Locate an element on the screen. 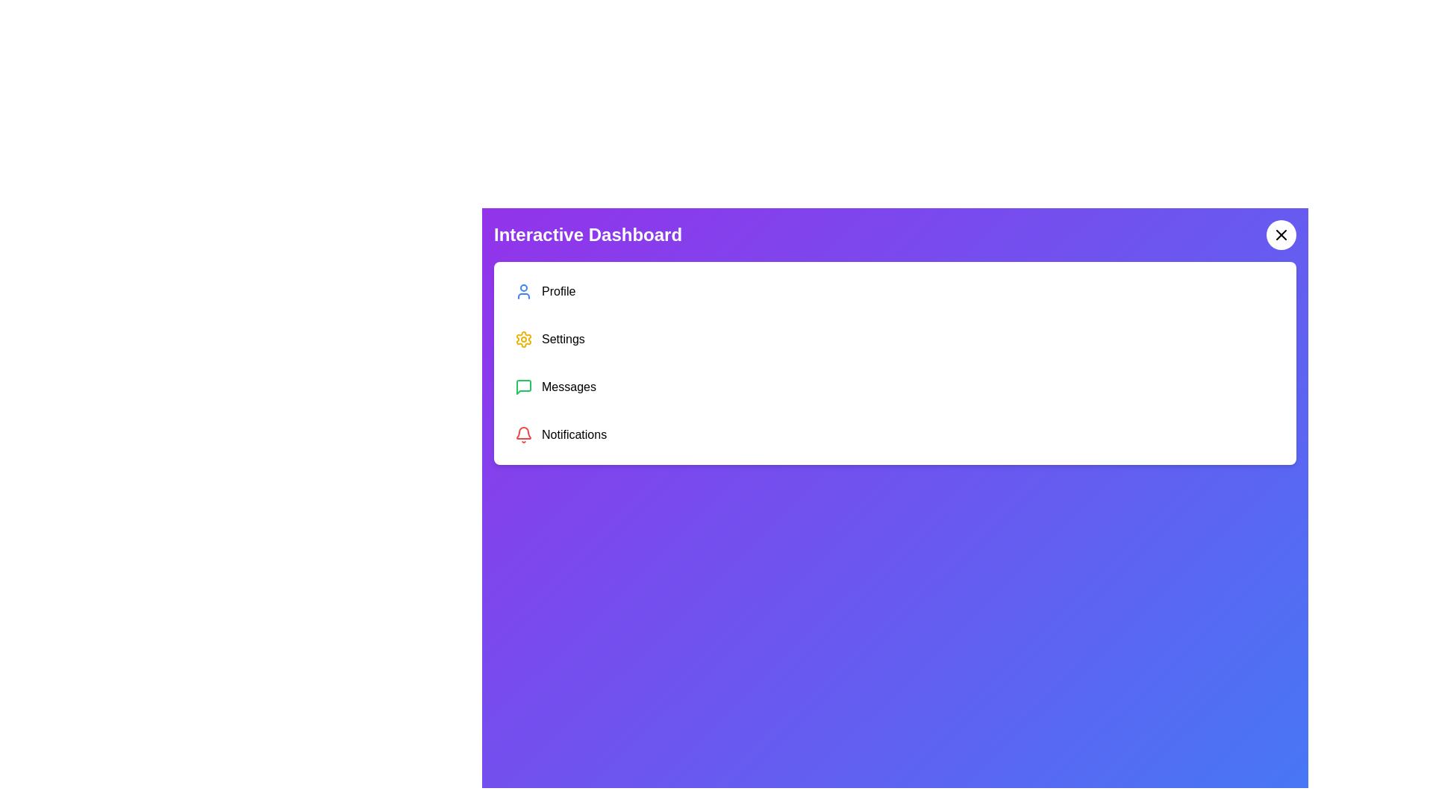 The width and height of the screenshot is (1433, 806). the red bell icon representing notifications located in the last row of the menu under the text label 'Notifications' to interact with it is located at coordinates (523, 434).